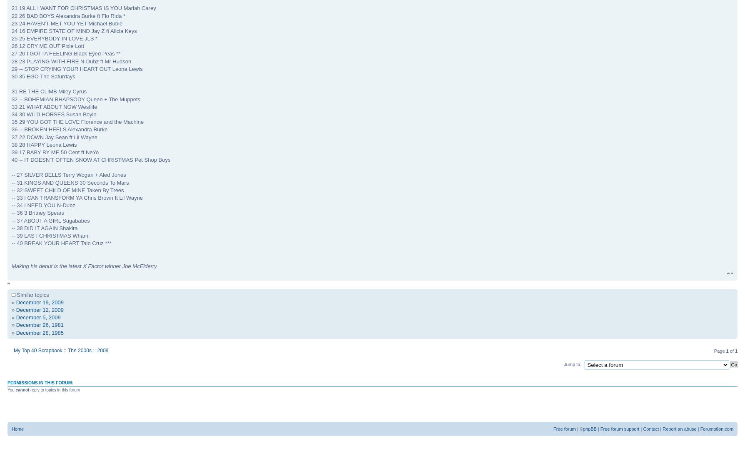 The width and height of the screenshot is (745, 449). Describe the element at coordinates (11, 266) in the screenshot. I see `'Making his debut is the latest X Factor winner Joe McElderry'` at that location.